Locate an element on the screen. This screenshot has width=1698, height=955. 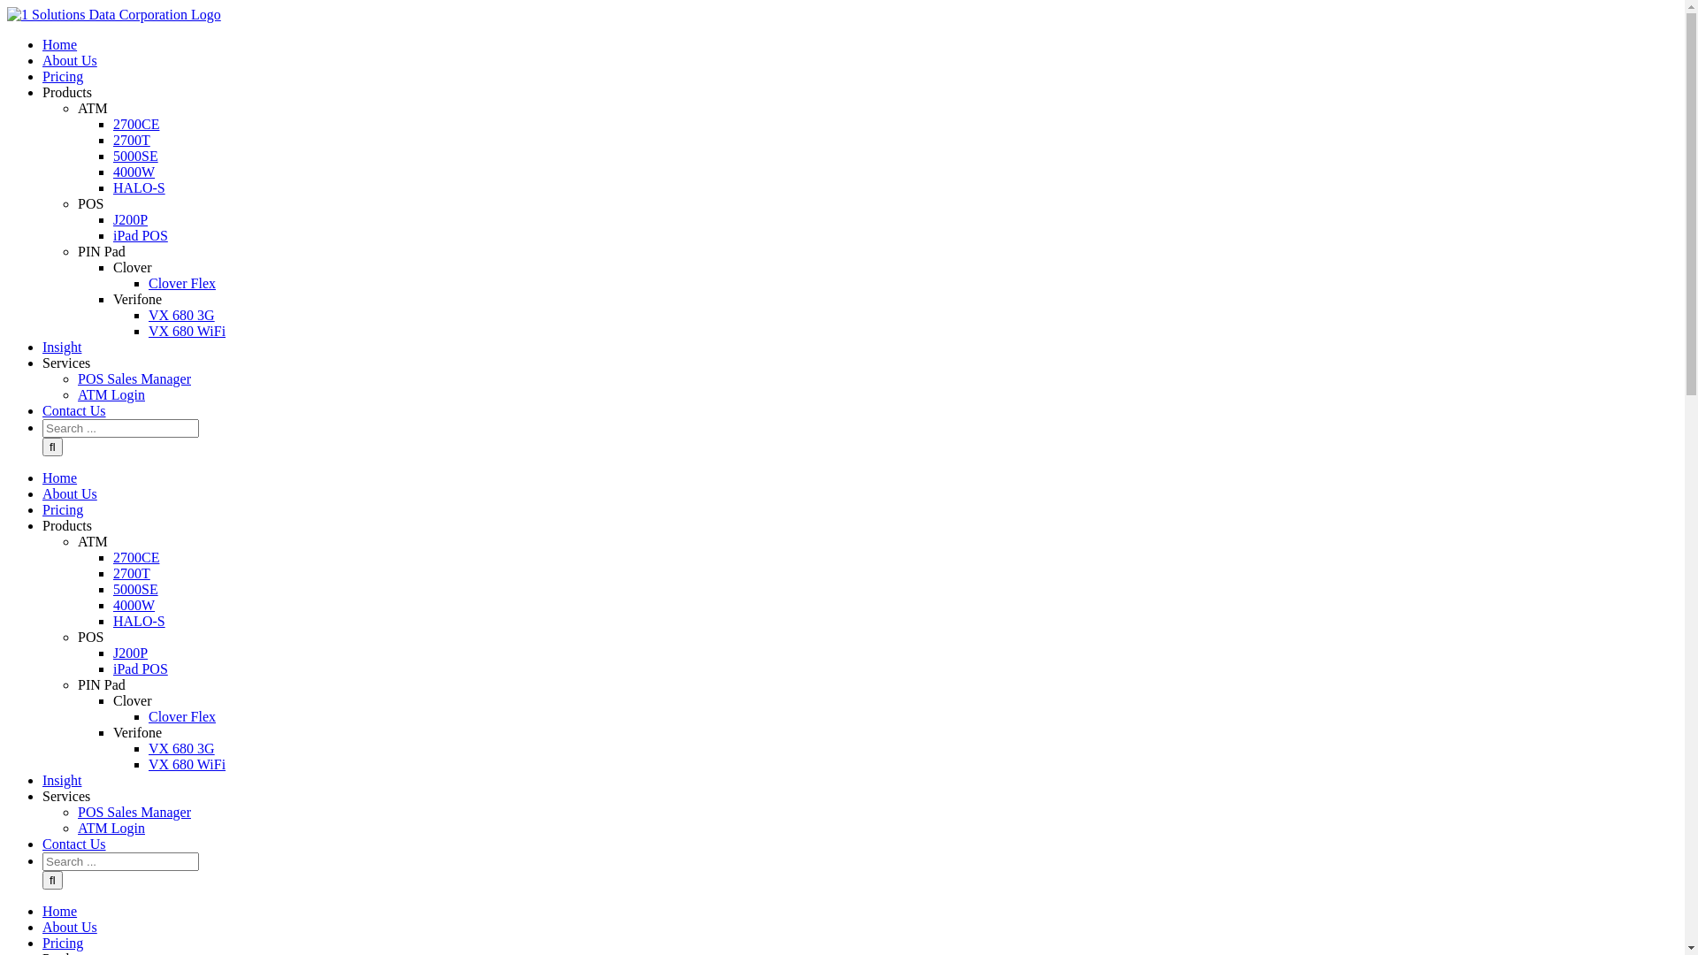
'Products' is located at coordinates (67, 524).